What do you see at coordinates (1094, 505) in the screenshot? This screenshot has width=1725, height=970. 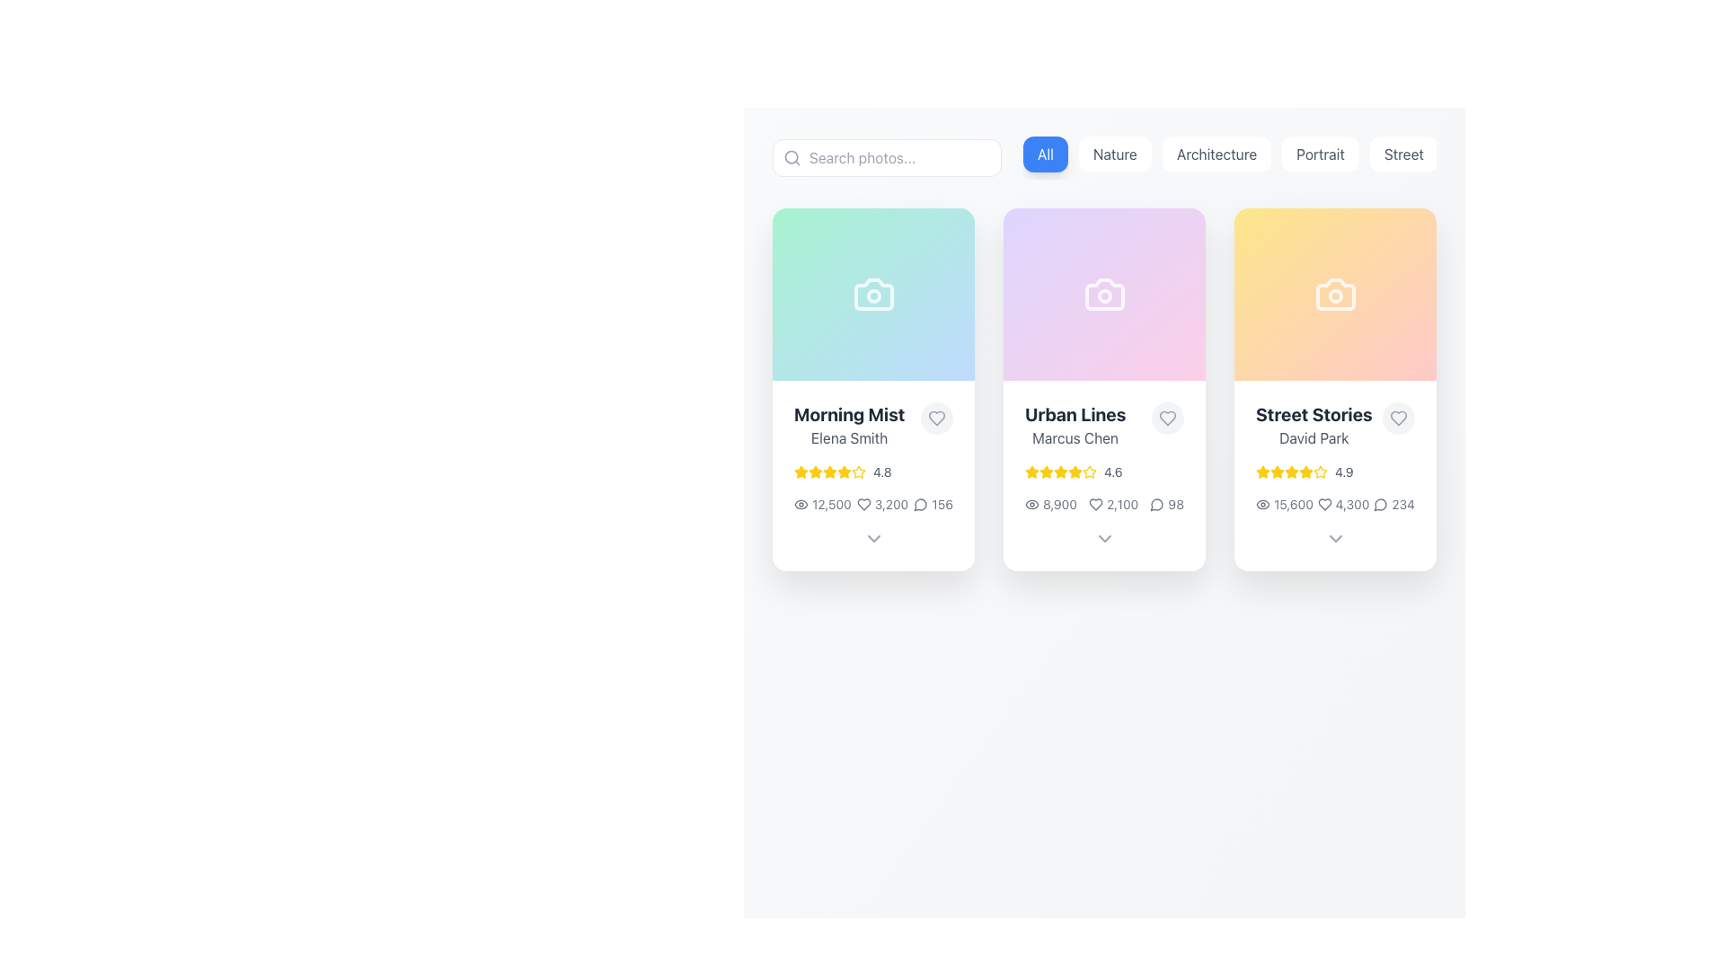 I see `the heart icon located within the 'Urban Lines' card` at bounding box center [1094, 505].